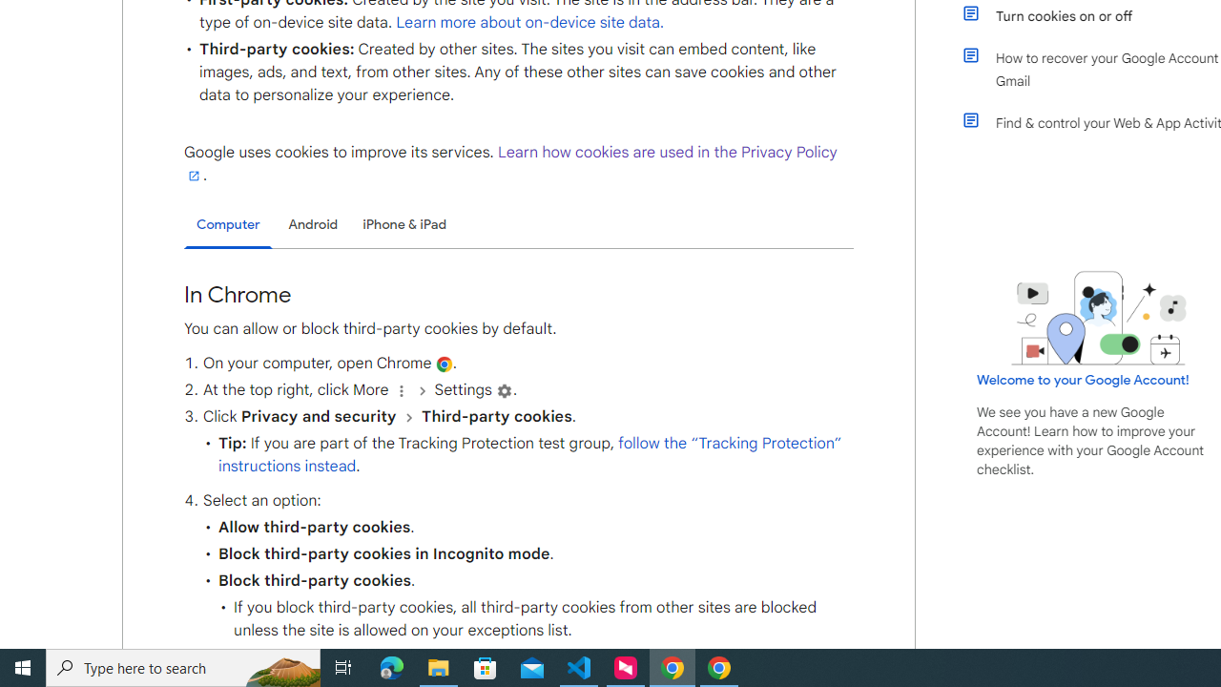 The image size is (1221, 687). What do you see at coordinates (510, 162) in the screenshot?
I see `'Learn how cookies are used in the Privacy Policy'` at bounding box center [510, 162].